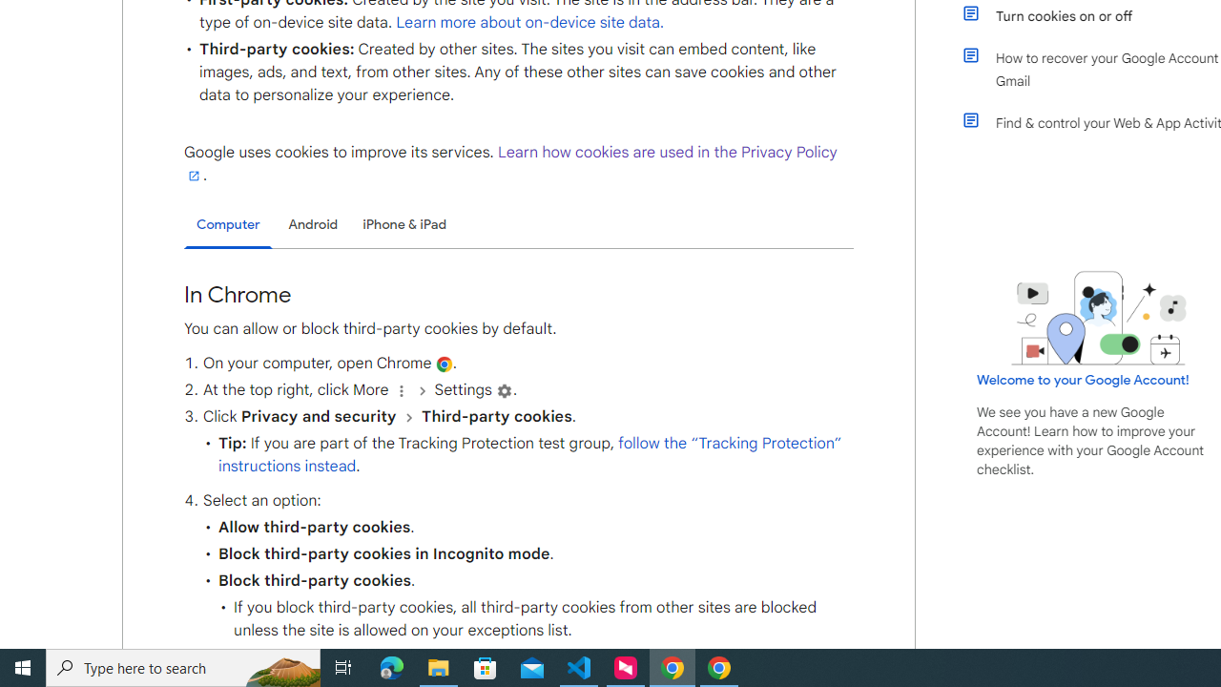 The image size is (1221, 687). What do you see at coordinates (510, 162) in the screenshot?
I see `'Learn how cookies are used in the Privacy Policy'` at bounding box center [510, 162].